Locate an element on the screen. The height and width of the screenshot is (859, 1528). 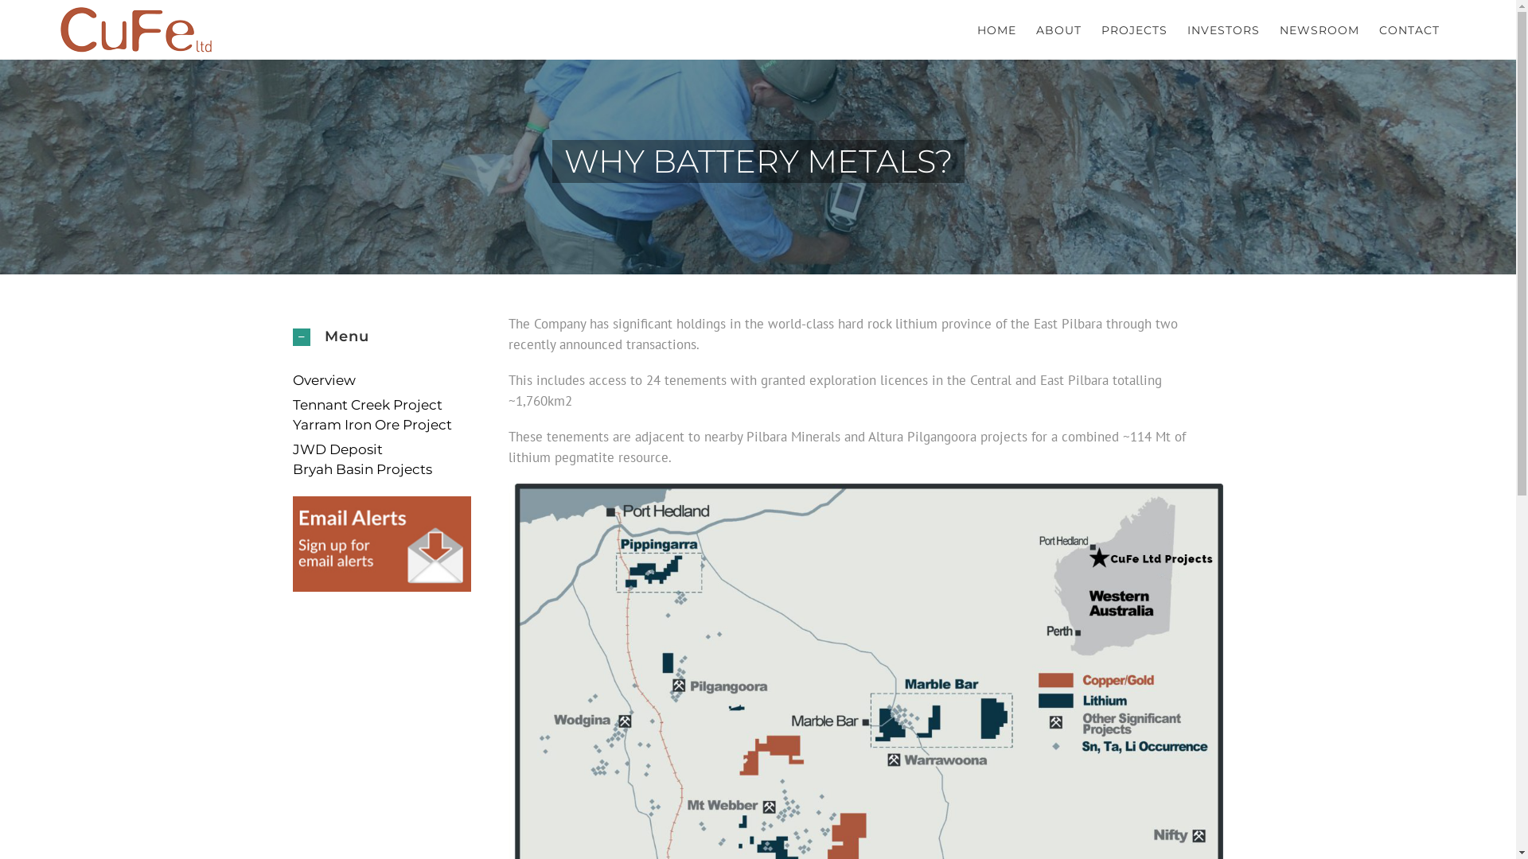
'ABOUT' is located at coordinates (1058, 29).